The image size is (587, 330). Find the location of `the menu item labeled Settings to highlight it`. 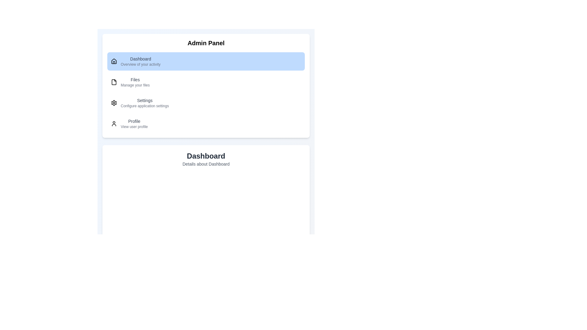

the menu item labeled Settings to highlight it is located at coordinates (206, 102).